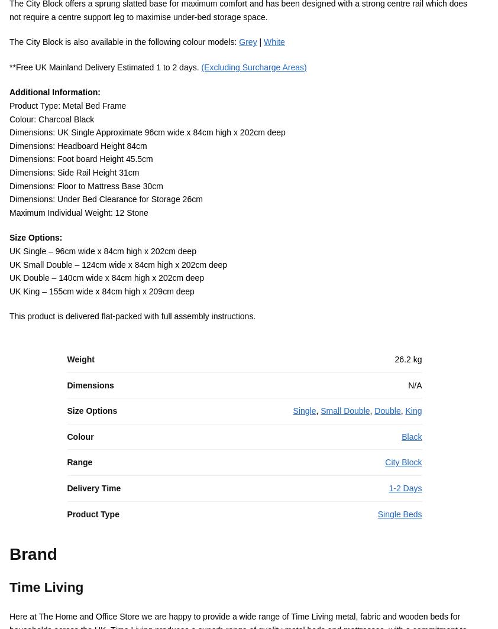  What do you see at coordinates (305, 388) in the screenshot?
I see `'King Size Beds'` at bounding box center [305, 388].